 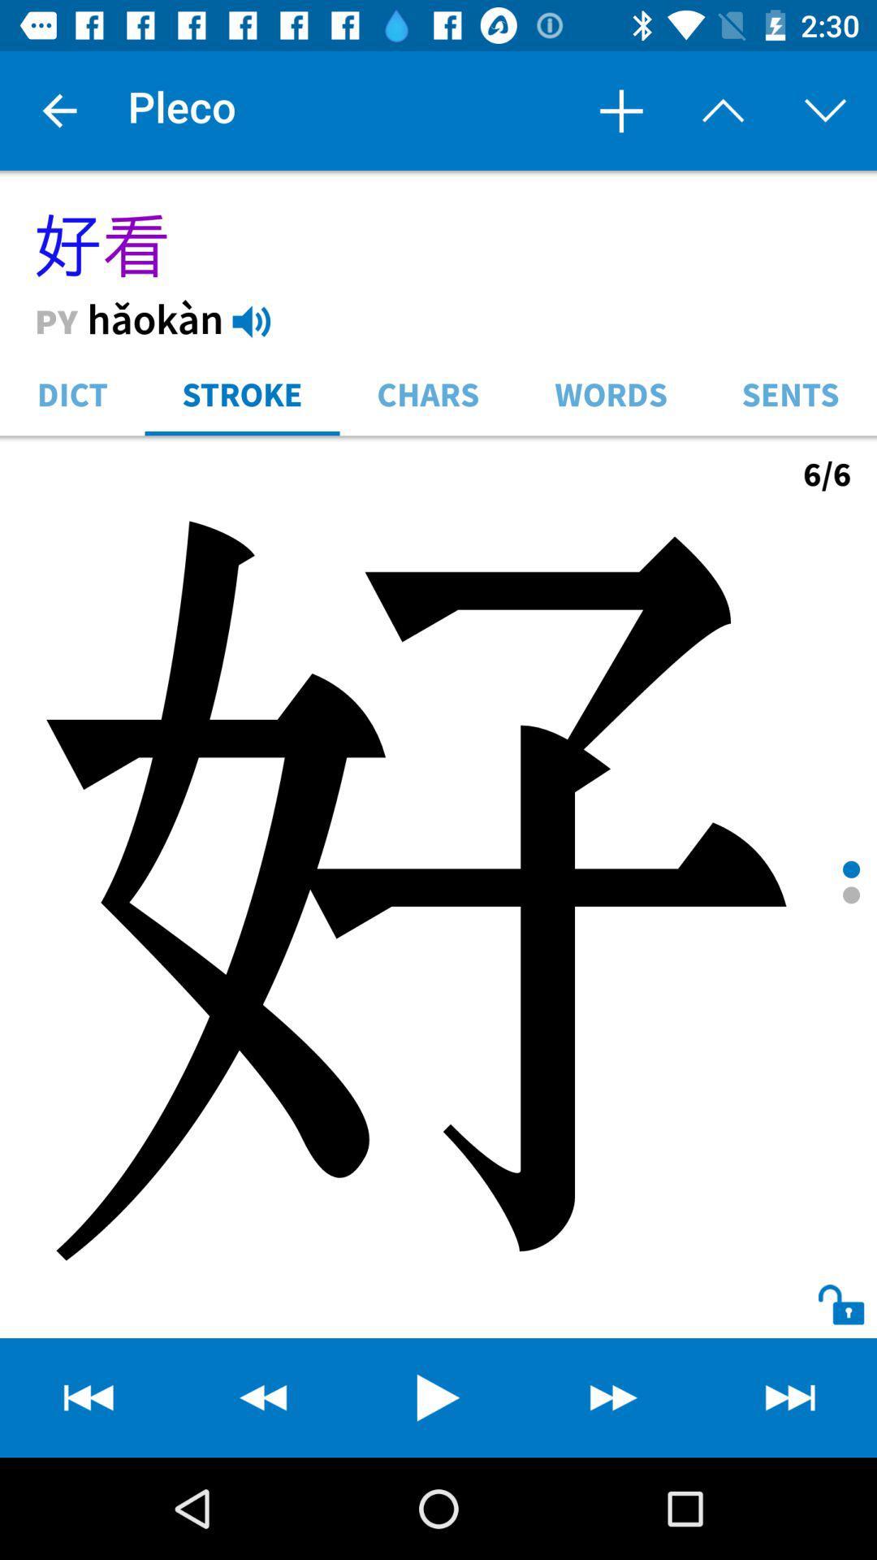 I want to click on the lock icon, so click(x=826, y=1289).